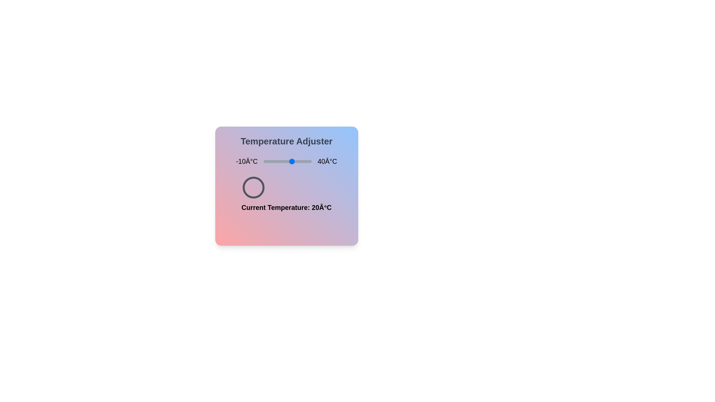 This screenshot has width=715, height=402. What do you see at coordinates (307, 161) in the screenshot?
I see `the temperature to 35 degrees Celsius using the slider` at bounding box center [307, 161].